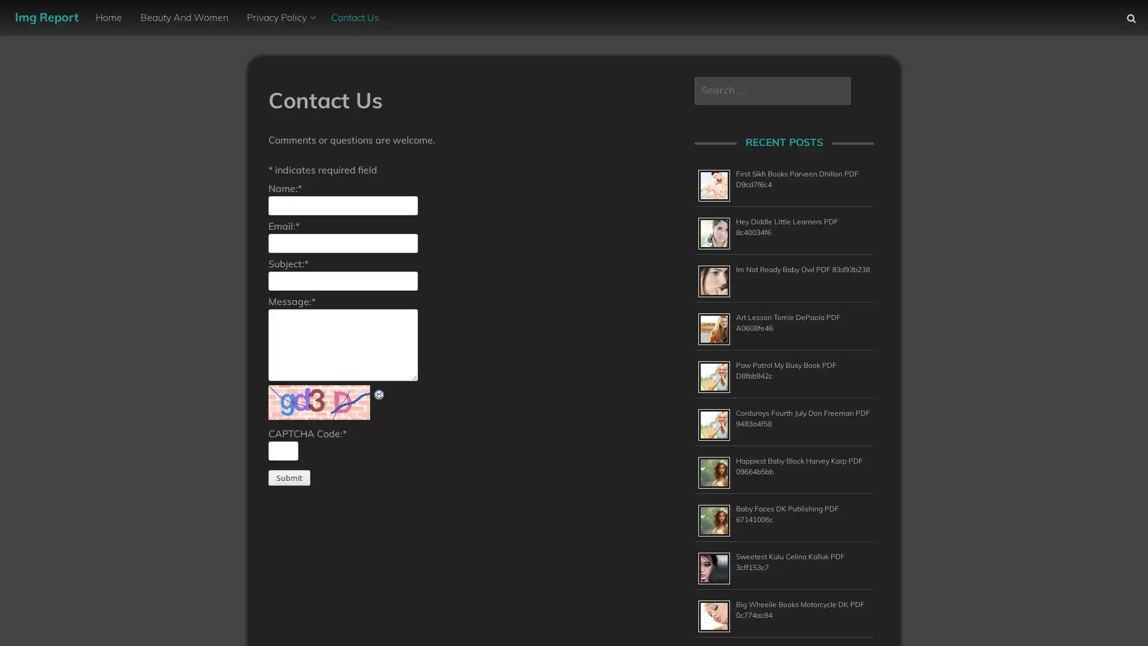 The image size is (1148, 646). I want to click on Submit, so click(289, 477).